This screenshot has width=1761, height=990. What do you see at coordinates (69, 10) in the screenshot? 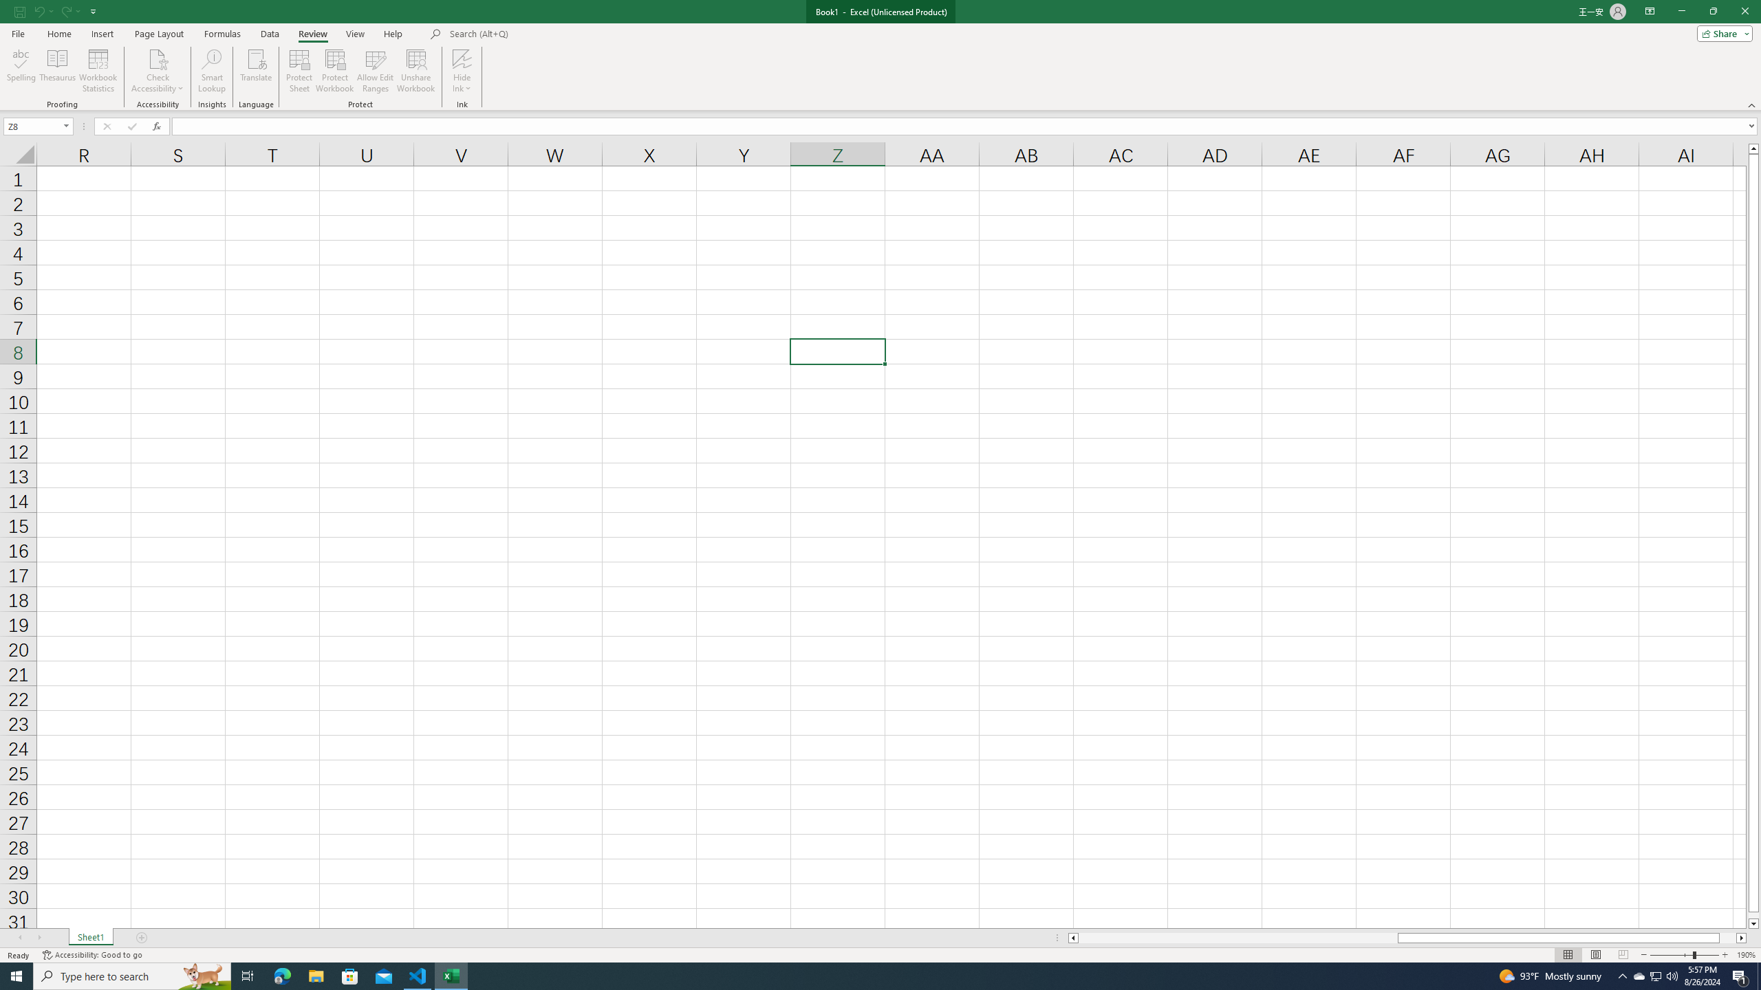
I see `'Redo'` at bounding box center [69, 10].